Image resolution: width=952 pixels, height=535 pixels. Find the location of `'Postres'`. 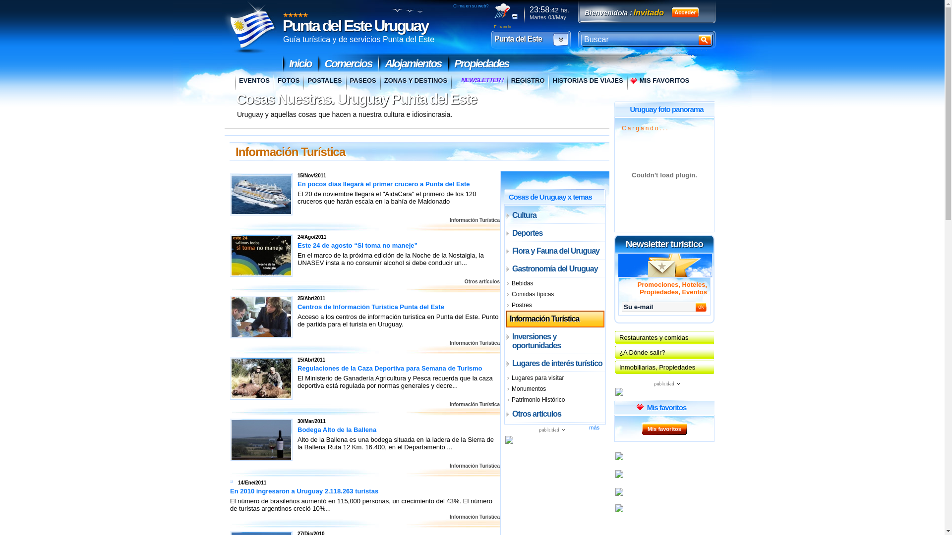

'Postres' is located at coordinates (505, 305).